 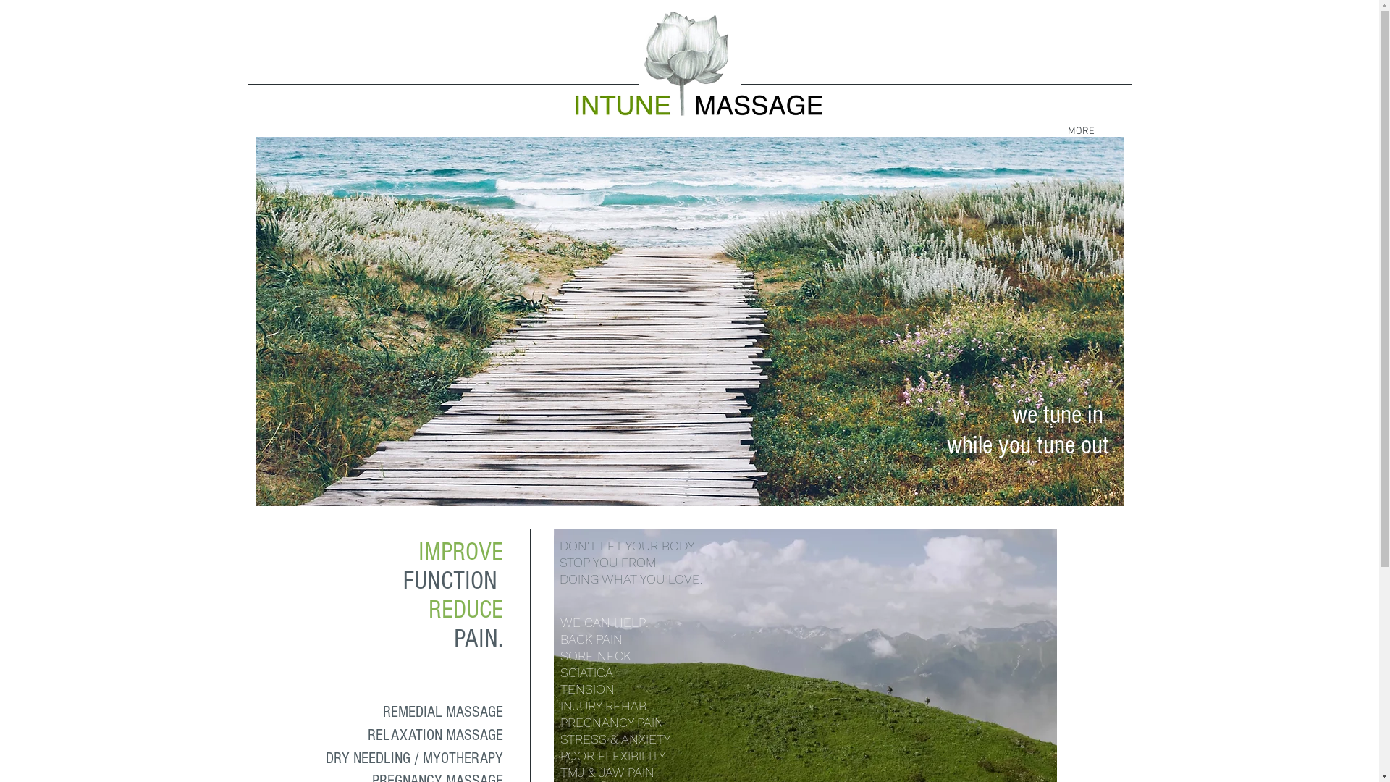 I want to click on 'INJURY REHAB', so click(x=603, y=705).